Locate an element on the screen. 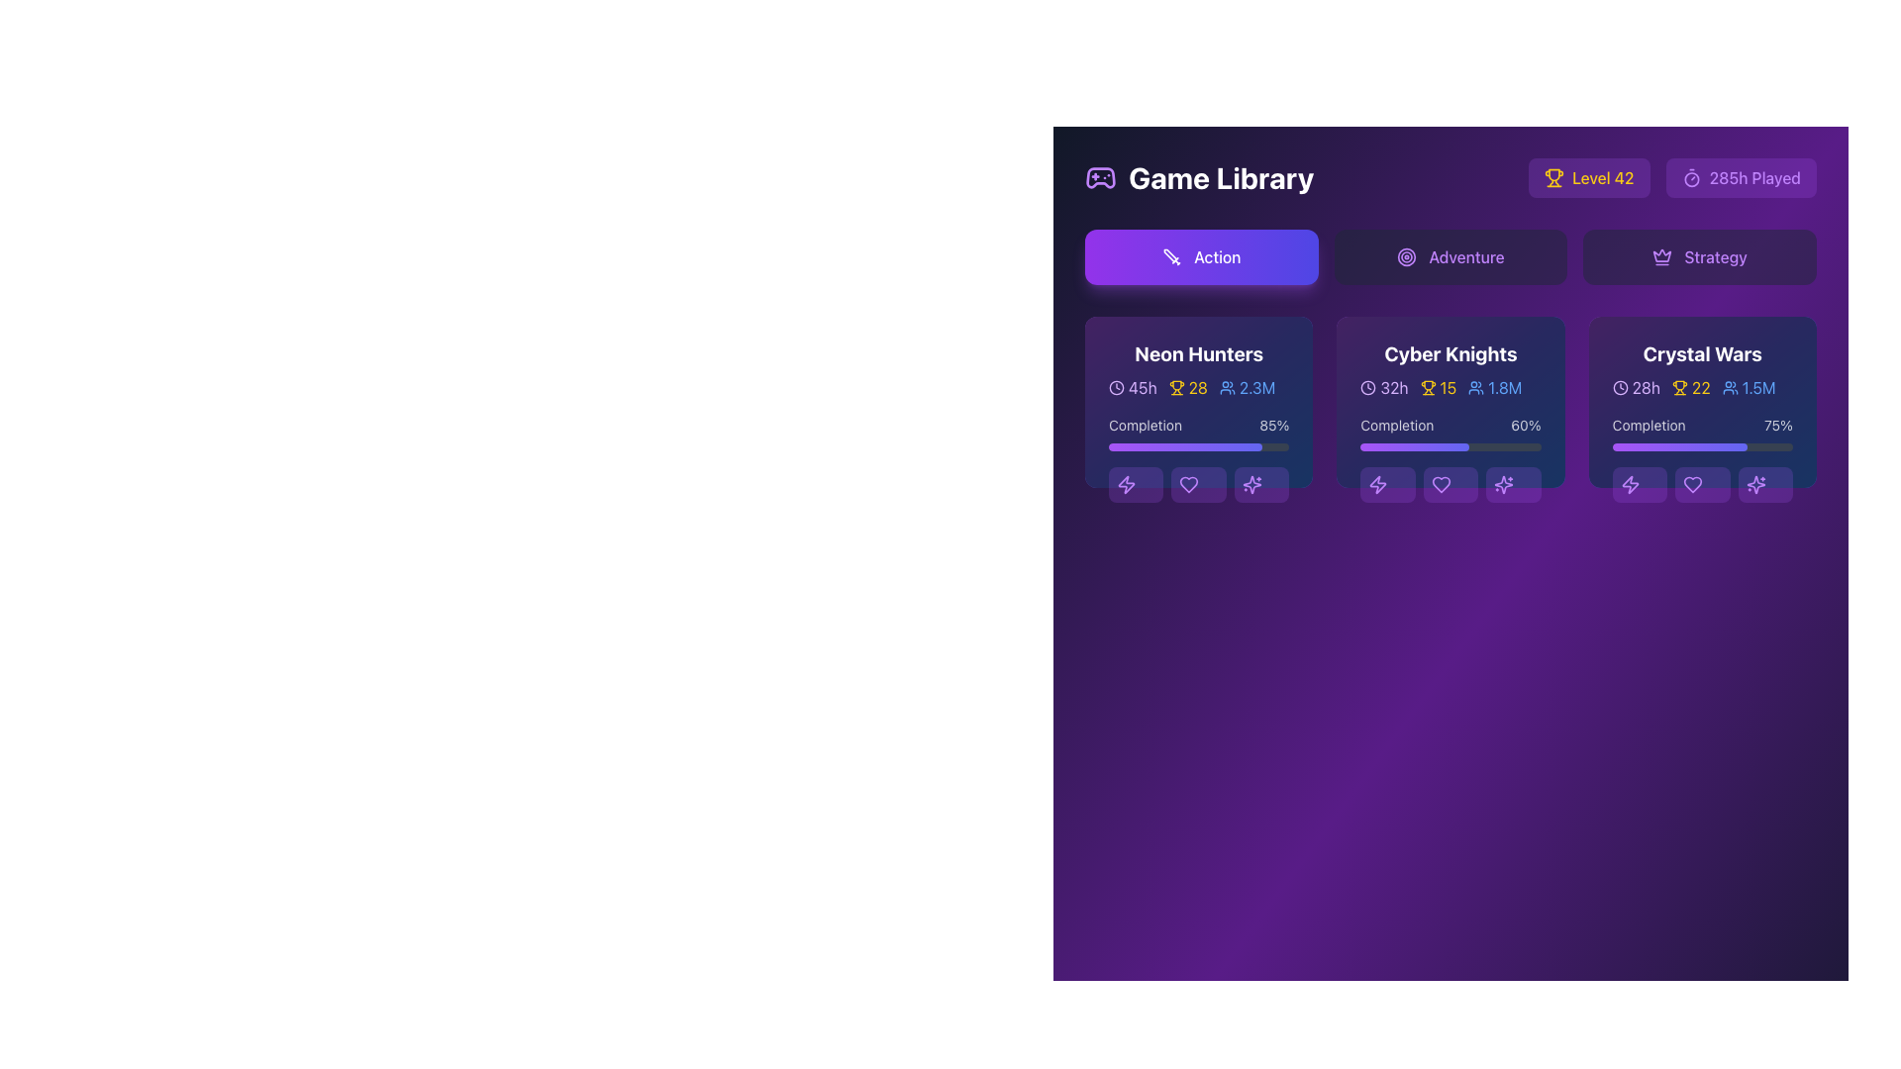 The image size is (1901, 1069). the Statistical Summary Displayer that shows aggregated time played, achievements, and player count metrics for the 'Neon Hunters' game, located below the 'Neon Hunters' title and above the 'Completion' progress bar is located at coordinates (1198, 388).